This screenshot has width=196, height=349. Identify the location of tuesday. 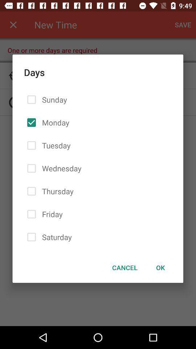
(54, 145).